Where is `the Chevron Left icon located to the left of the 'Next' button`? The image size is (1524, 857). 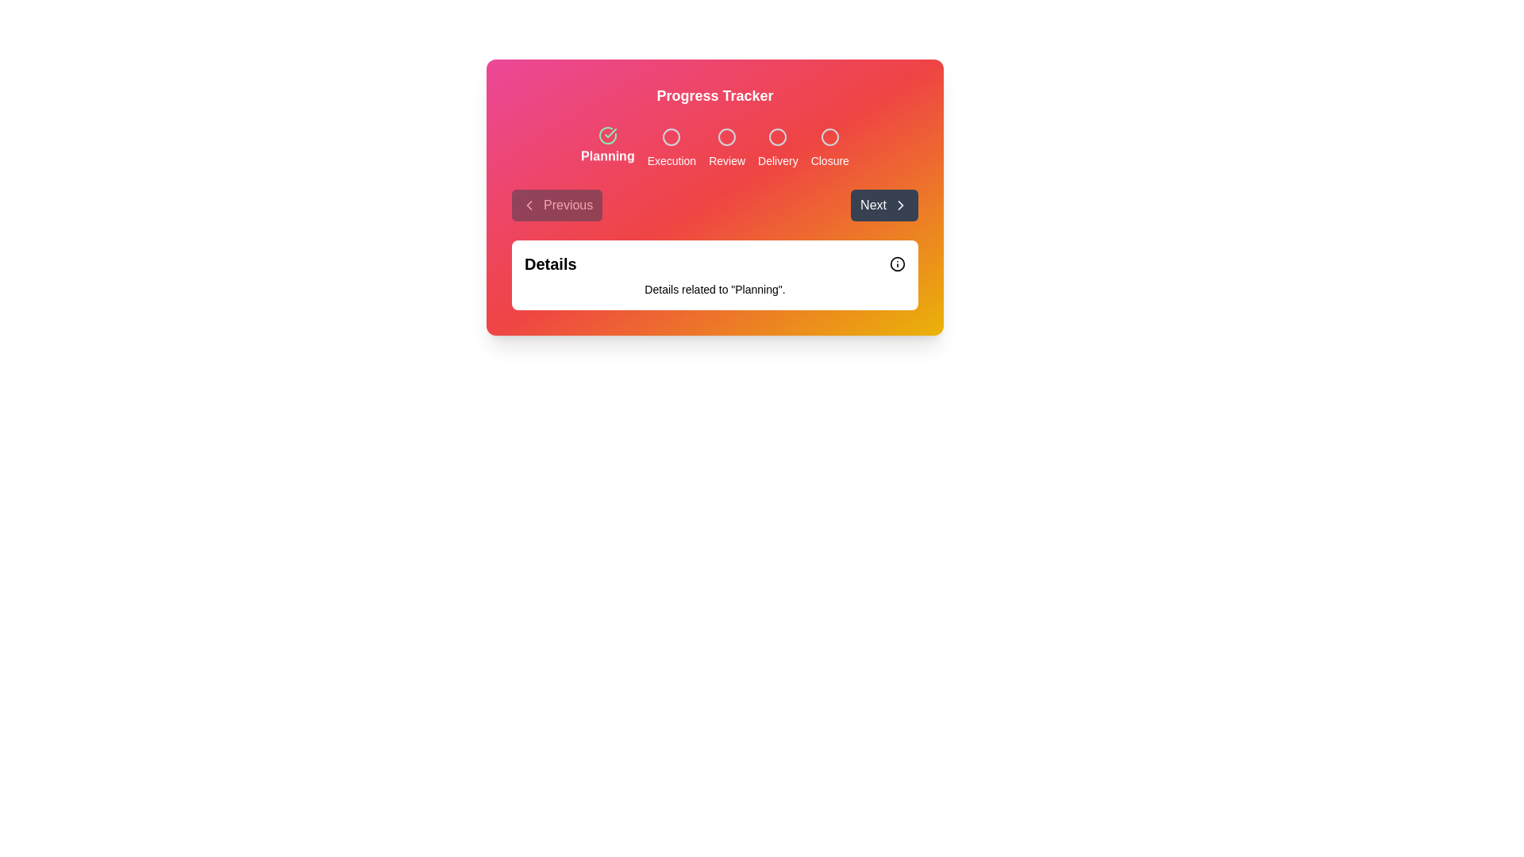
the Chevron Left icon located to the left of the 'Next' button is located at coordinates (529, 204).